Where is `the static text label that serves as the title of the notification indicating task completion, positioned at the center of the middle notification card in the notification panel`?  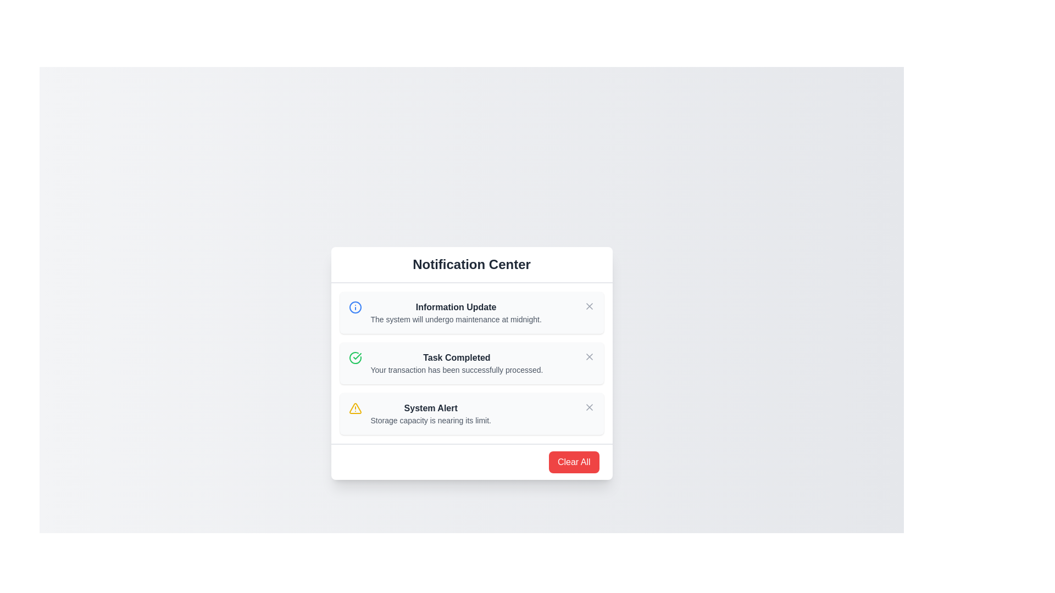
the static text label that serves as the title of the notification indicating task completion, positioned at the center of the middle notification card in the notification panel is located at coordinates (457, 357).